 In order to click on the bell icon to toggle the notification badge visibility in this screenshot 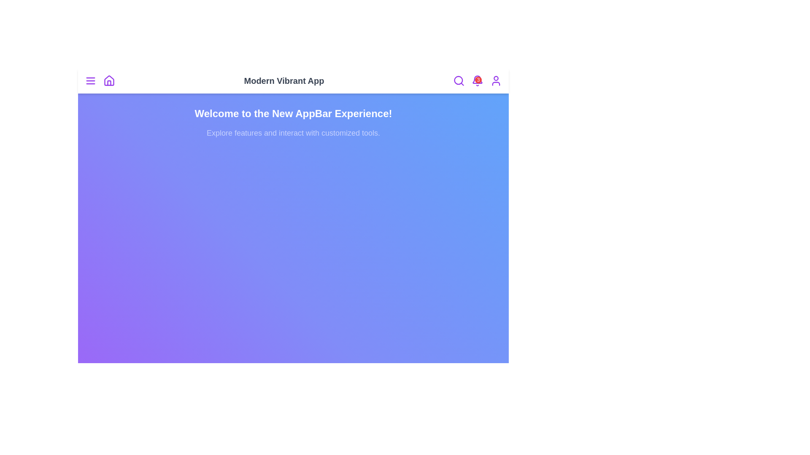, I will do `click(478, 81)`.